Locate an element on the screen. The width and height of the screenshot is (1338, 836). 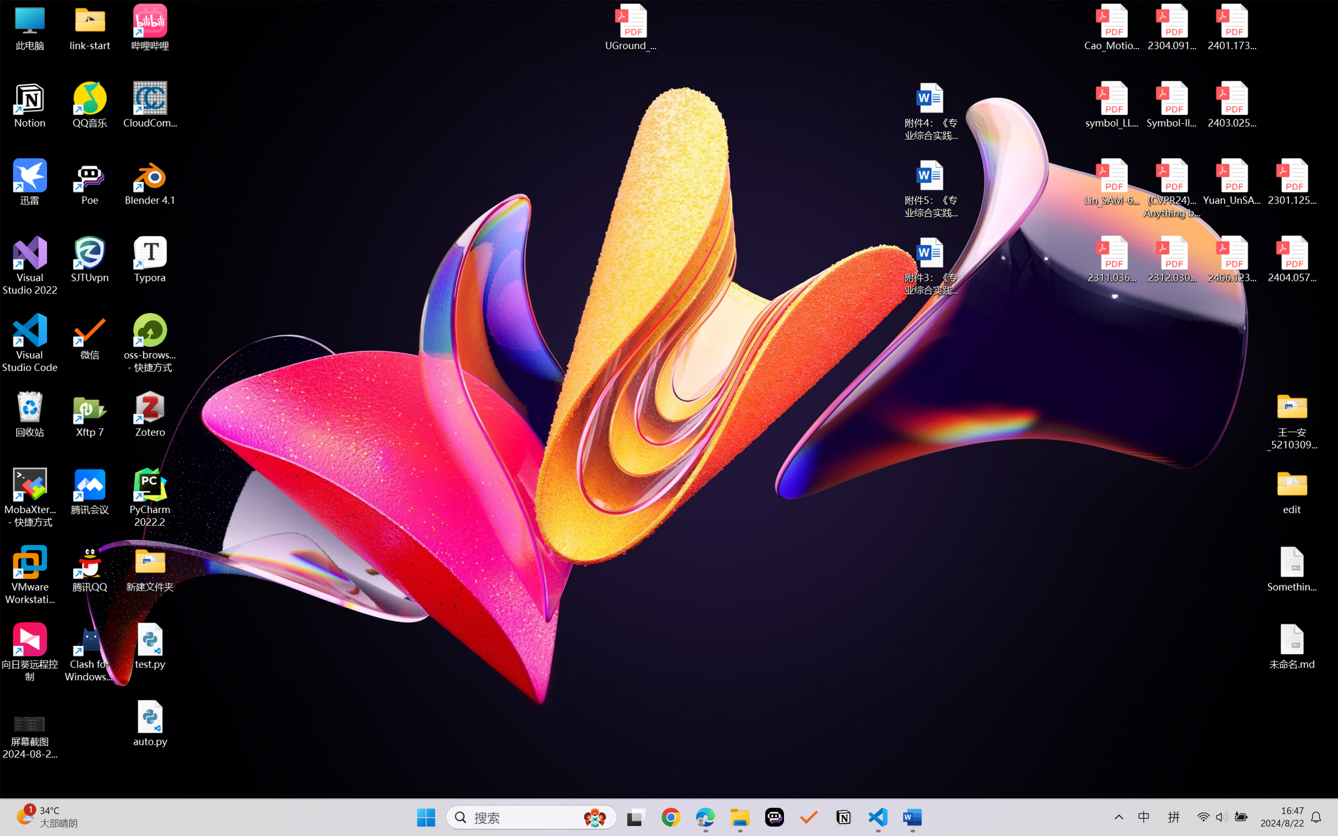
'UGround_paper.pdf' is located at coordinates (631, 27).